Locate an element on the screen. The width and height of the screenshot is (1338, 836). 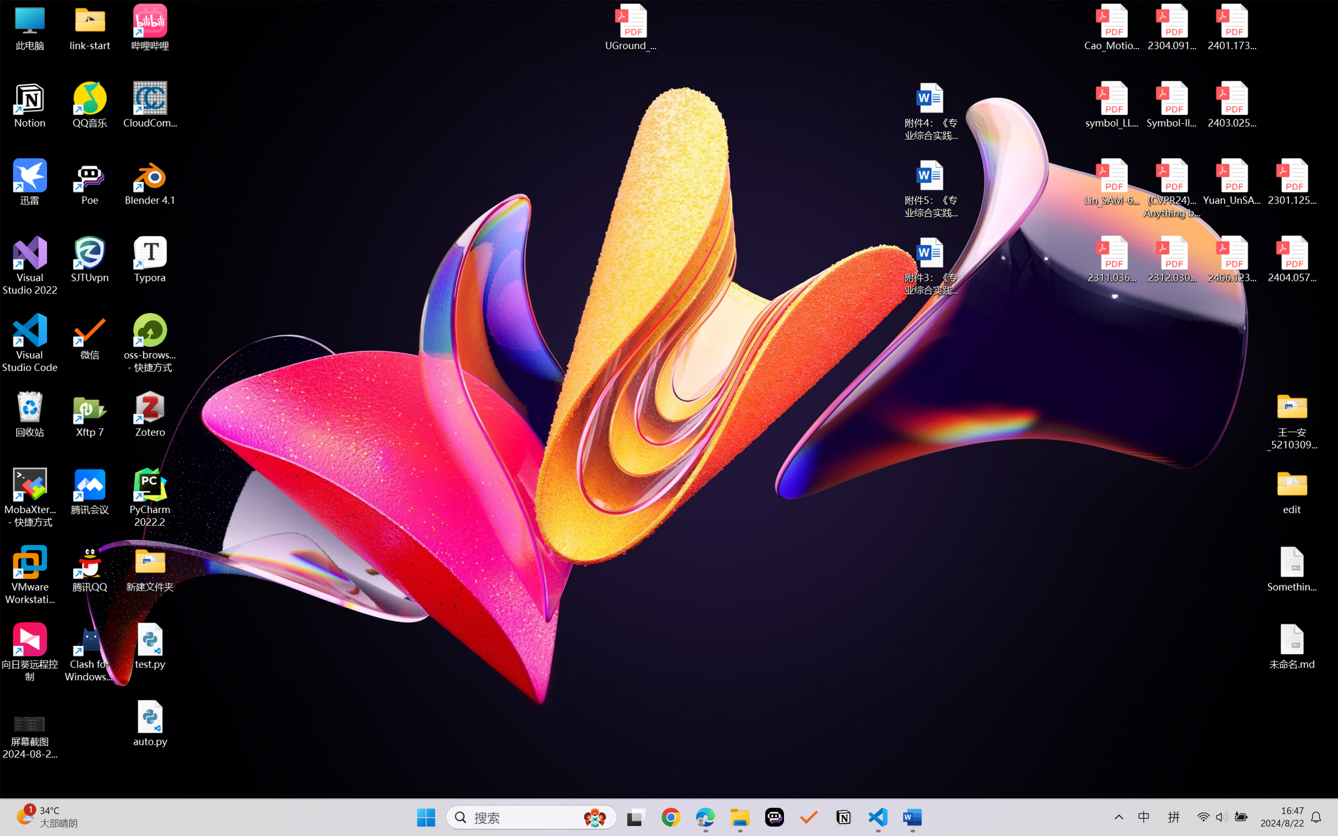
'UGround_paper.pdf' is located at coordinates (631, 27).